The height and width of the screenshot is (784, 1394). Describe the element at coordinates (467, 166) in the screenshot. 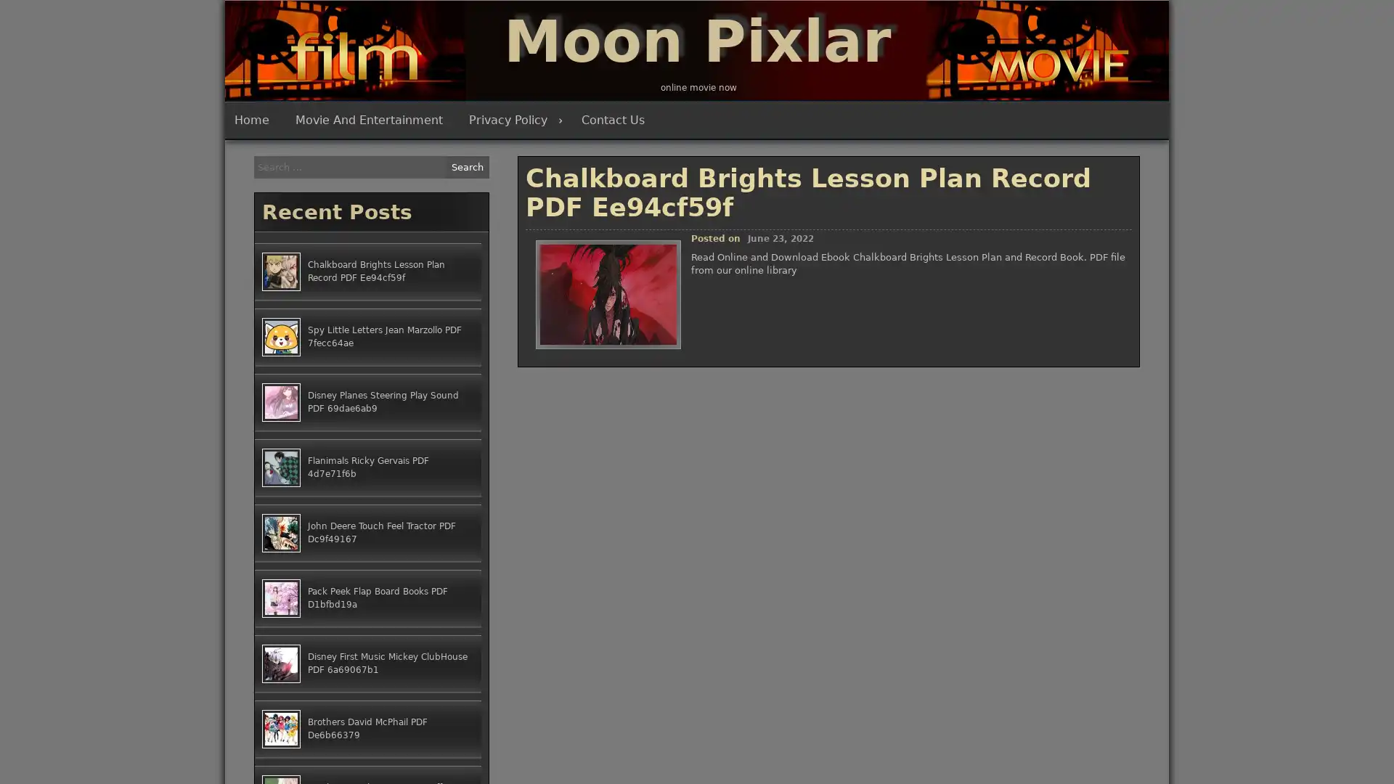

I see `Search` at that location.